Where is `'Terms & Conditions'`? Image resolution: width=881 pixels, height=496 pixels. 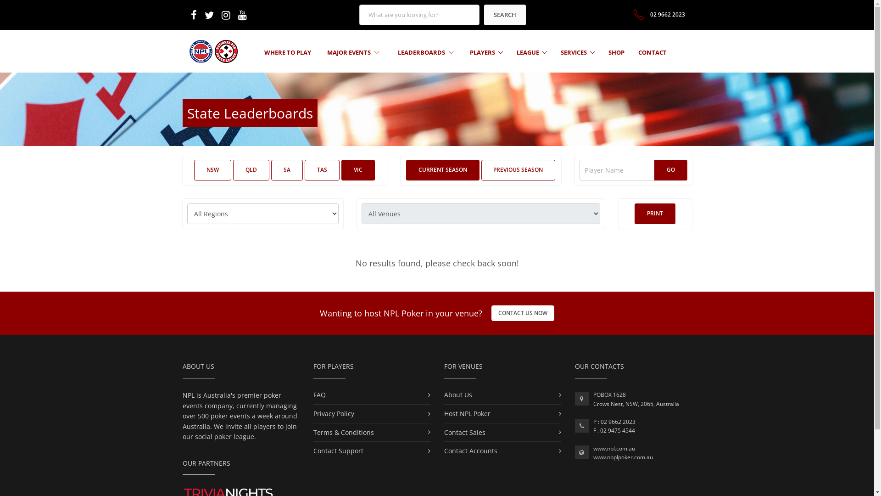
'Terms & Conditions' is located at coordinates (343, 432).